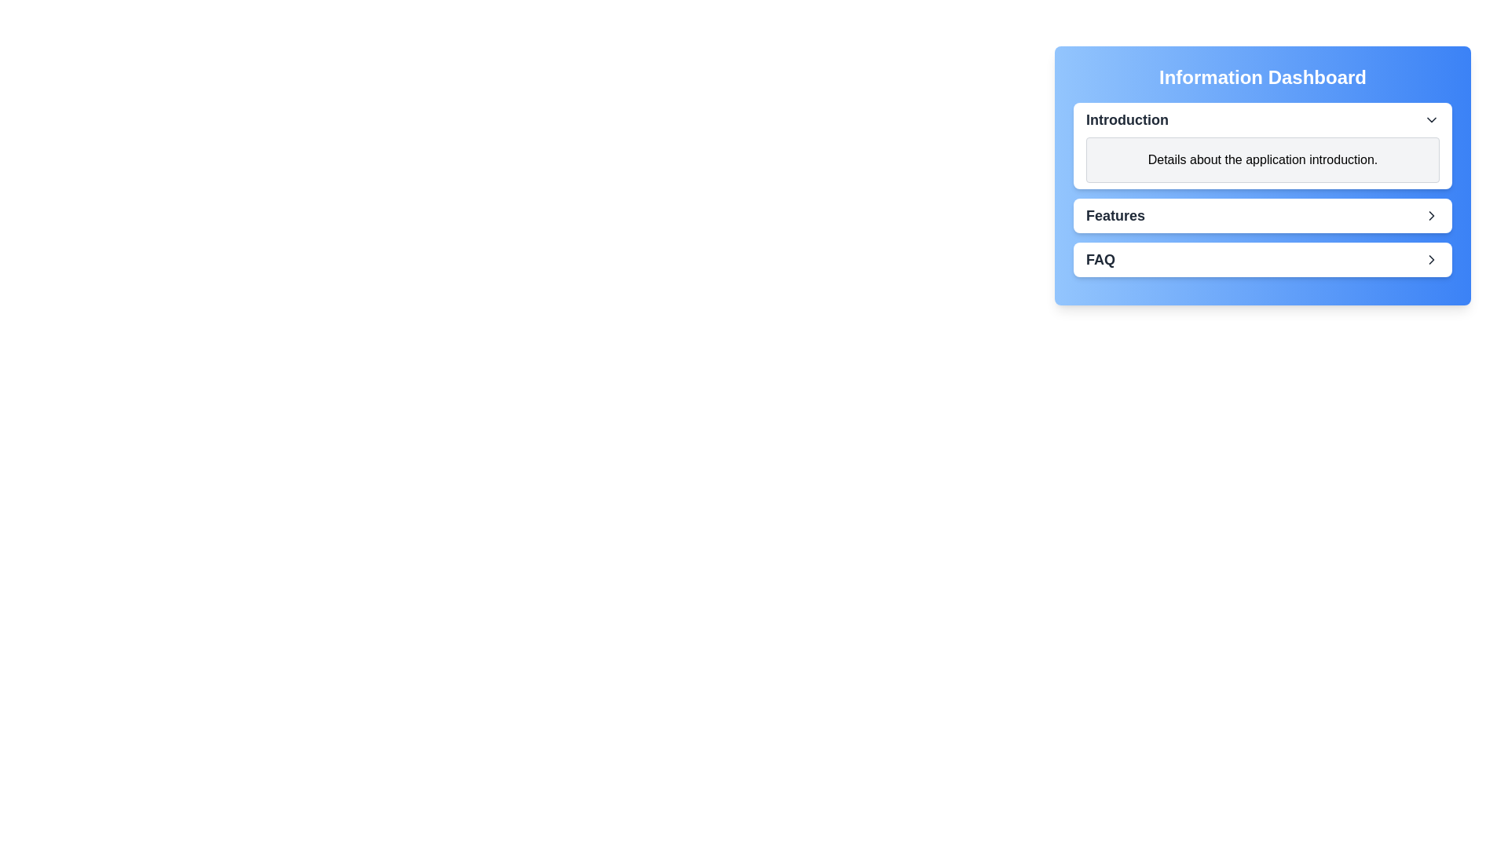 This screenshot has height=848, width=1508. What do you see at coordinates (1432, 215) in the screenshot?
I see `the chevron icon located to the far right of the 'Features' button in the 'Information Dashboard' section` at bounding box center [1432, 215].